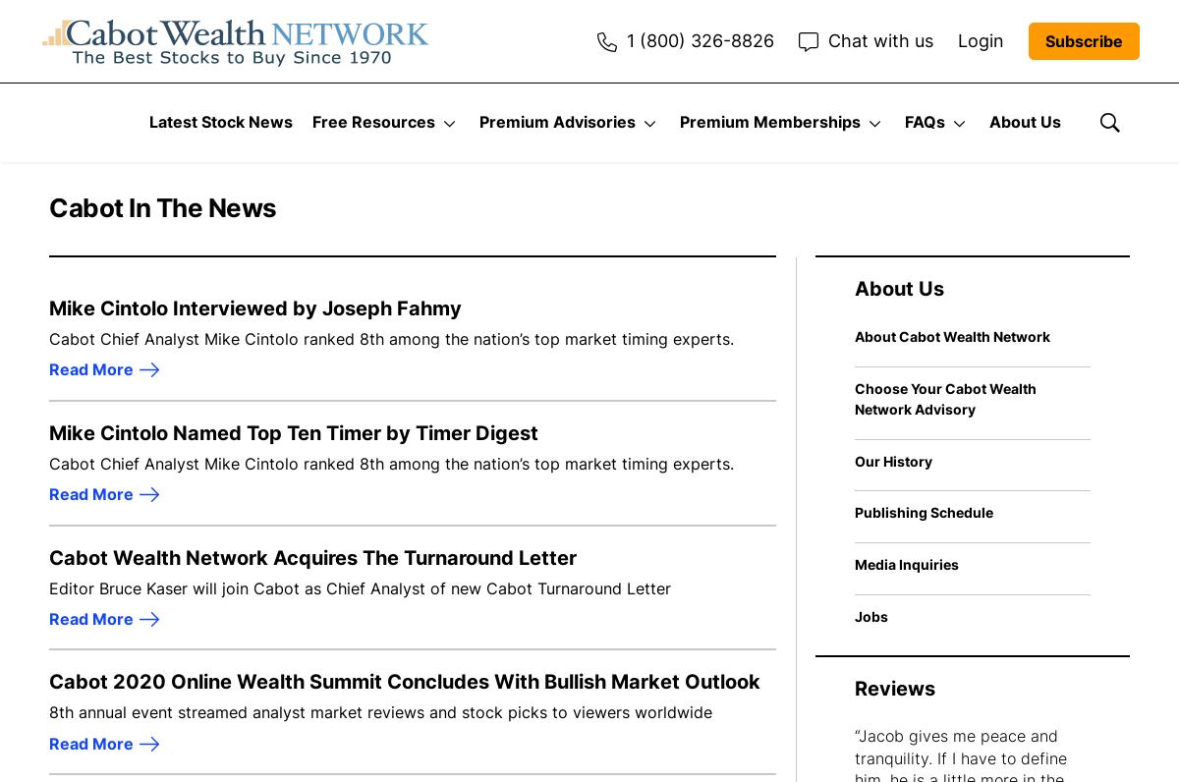  Describe the element at coordinates (1057, 366) in the screenshot. I see `'Cabot Turnaround Letter'` at that location.